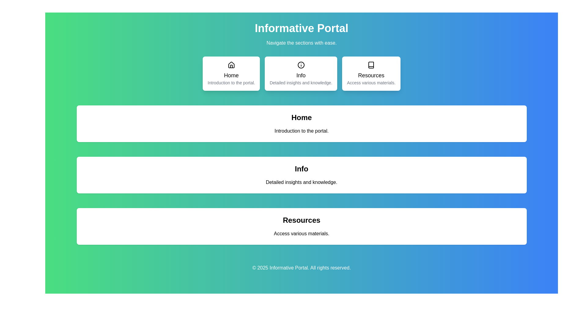 This screenshot has height=330, width=587. Describe the element at coordinates (301, 65) in the screenshot. I see `the outermost circle of the 'Info' icon located in the central horizontal menu of the interface by clicking on it` at that location.